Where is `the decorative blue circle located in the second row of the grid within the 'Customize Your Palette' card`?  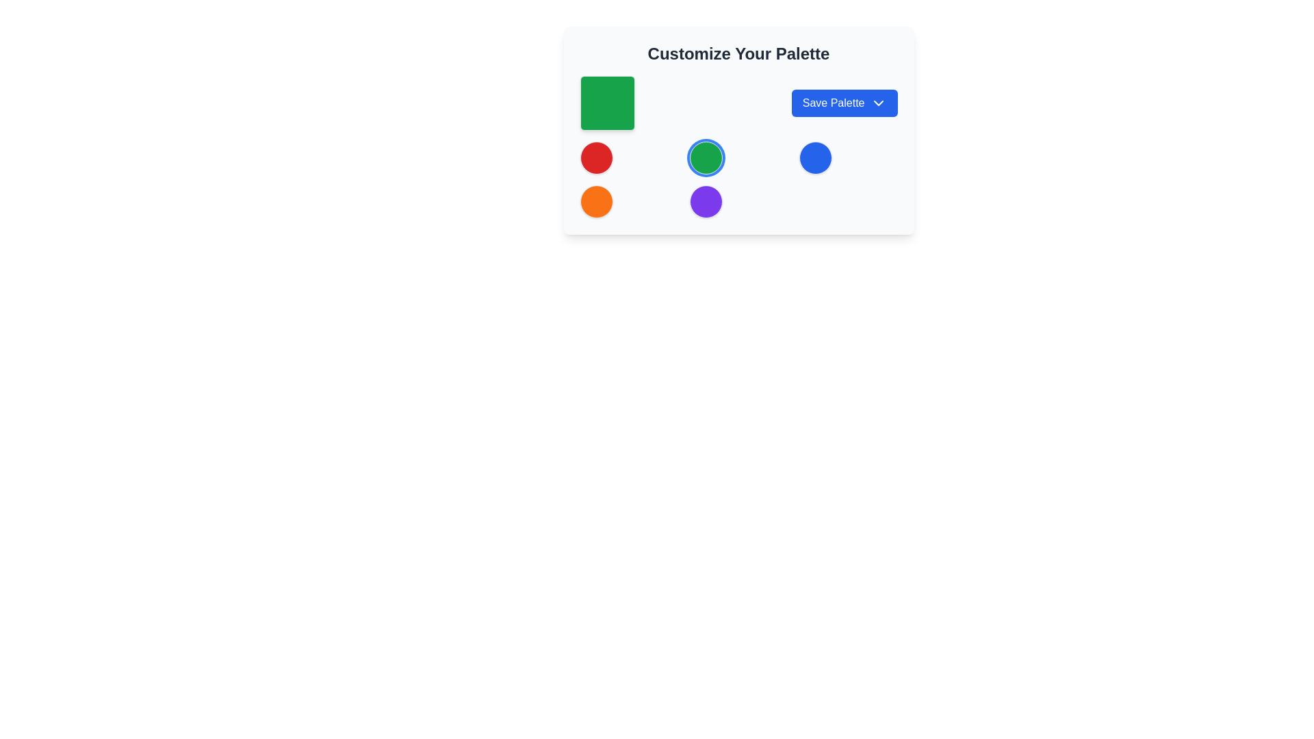 the decorative blue circle located in the second row of the grid within the 'Customize Your Palette' card is located at coordinates (815, 157).